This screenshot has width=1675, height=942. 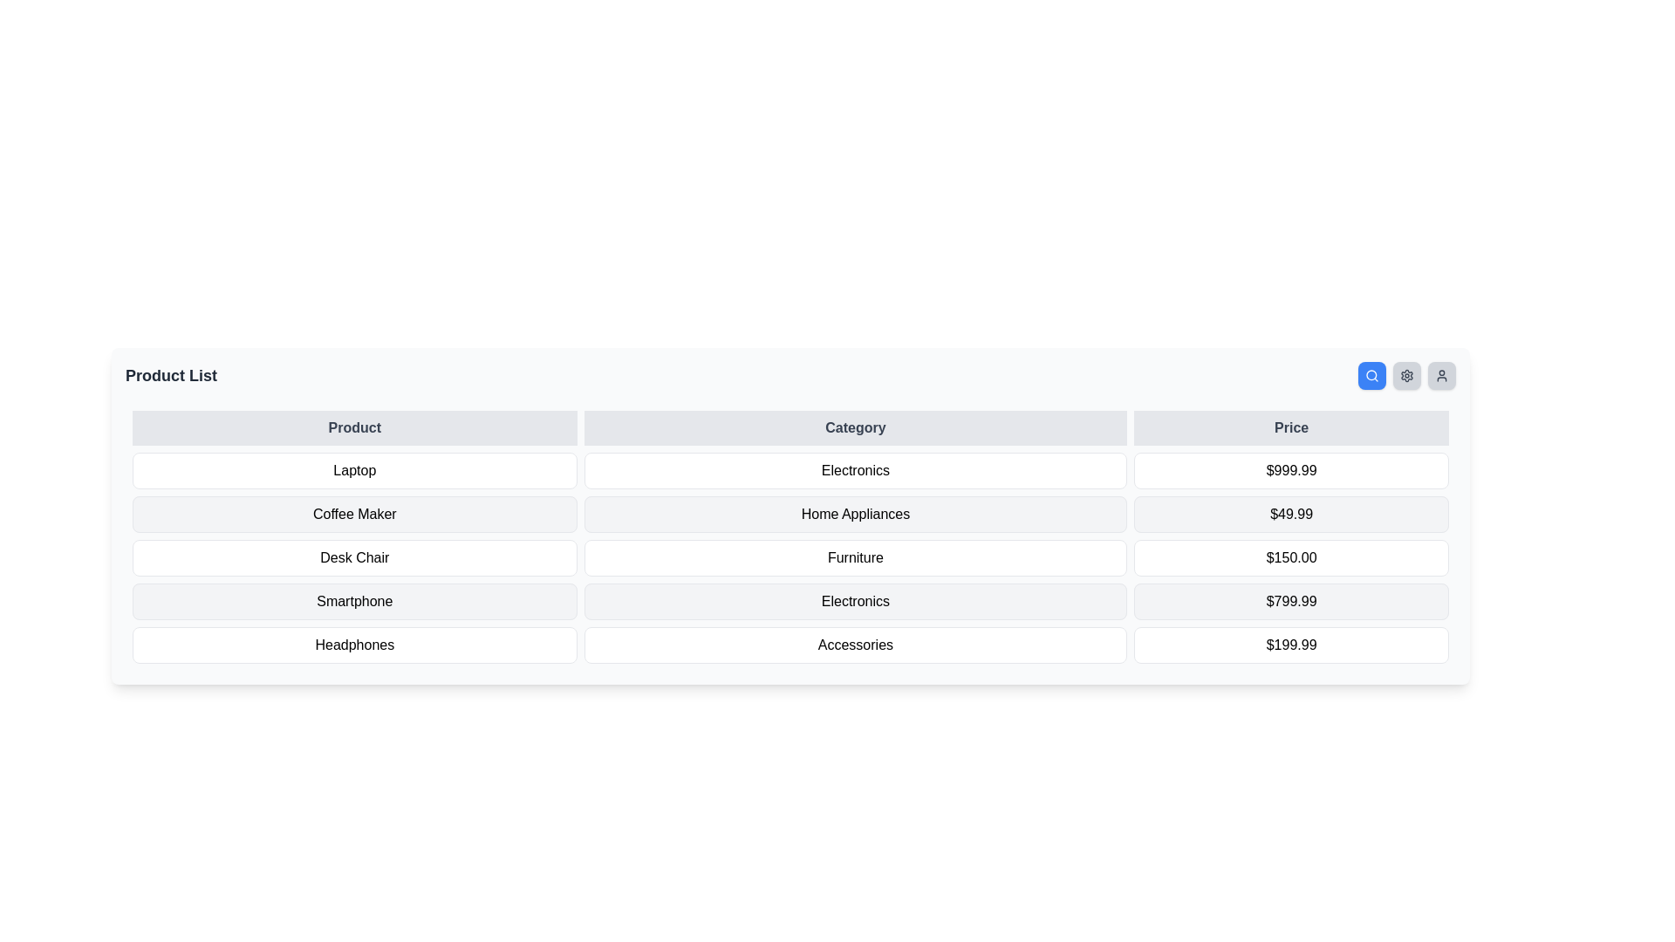 I want to click on the text display element showing the price value '$49.99' for the 'Coffee Maker' product in the 'Home Appliances' category, located in the third column of the second row of the table, so click(x=1291, y=514).